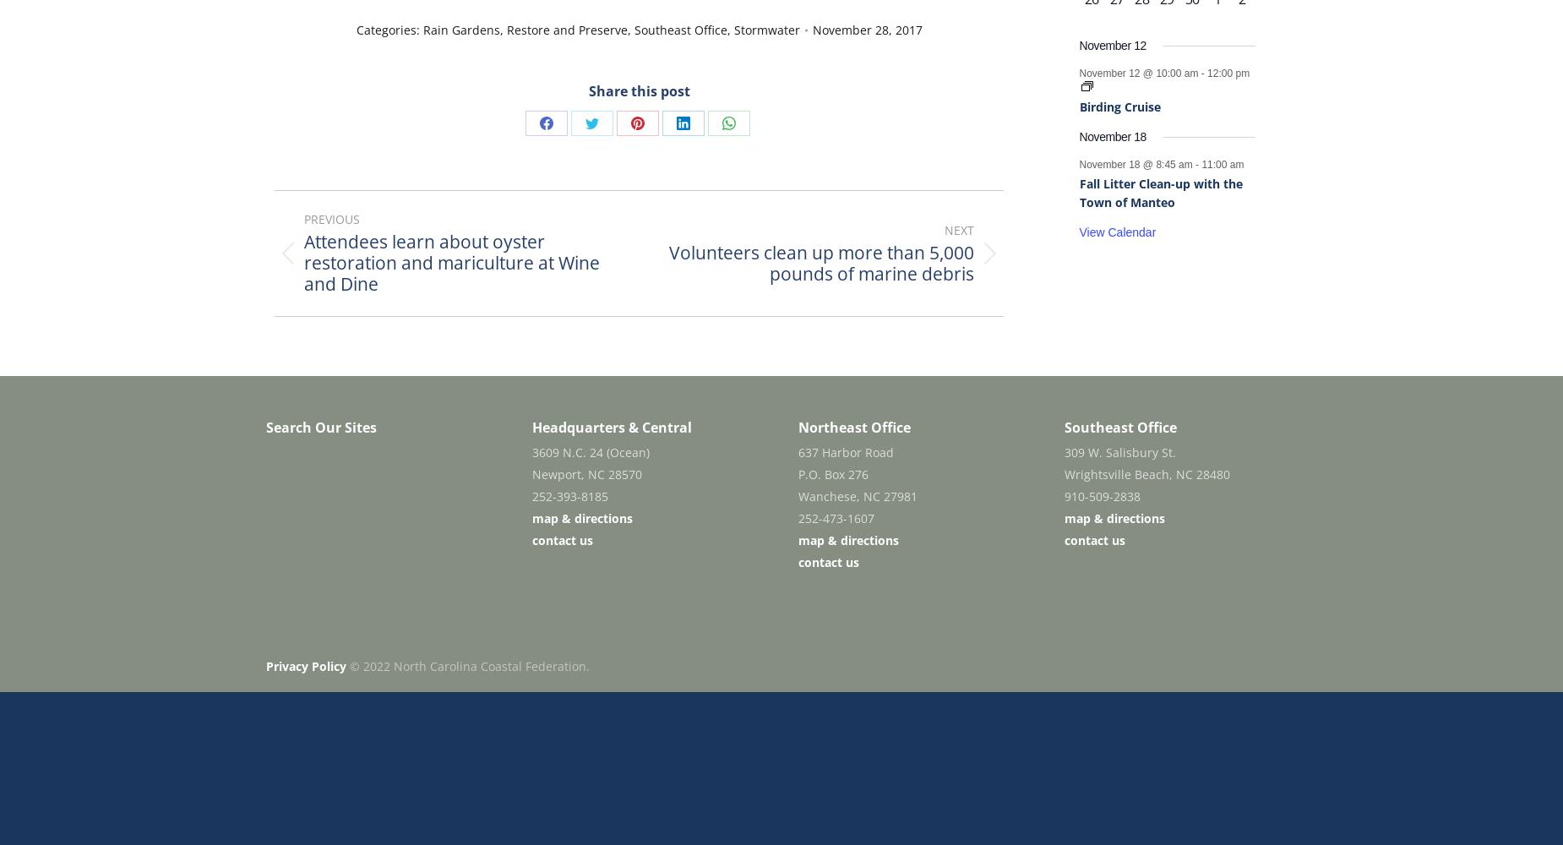  What do you see at coordinates (1078, 232) in the screenshot?
I see `'View Calendar'` at bounding box center [1078, 232].